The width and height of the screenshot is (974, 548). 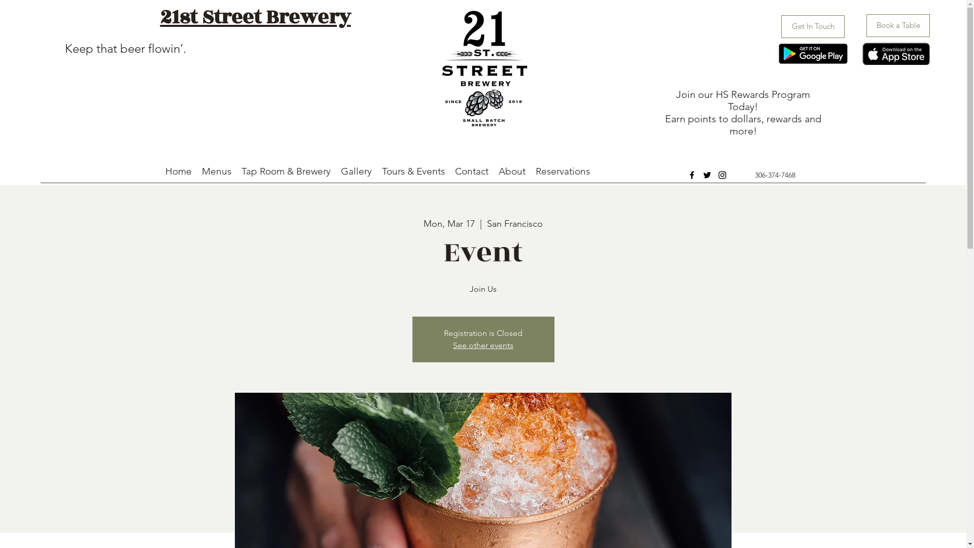 What do you see at coordinates (376, 171) in the screenshot?
I see `'Tours & Events'` at bounding box center [376, 171].